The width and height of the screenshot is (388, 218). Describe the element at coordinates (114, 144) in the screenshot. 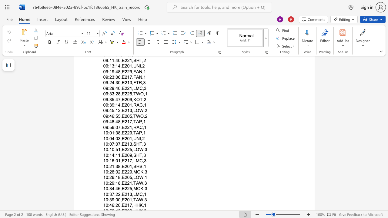

I see `the subset text ":0" within the text "10:07:07,E213,SHT,3"` at that location.